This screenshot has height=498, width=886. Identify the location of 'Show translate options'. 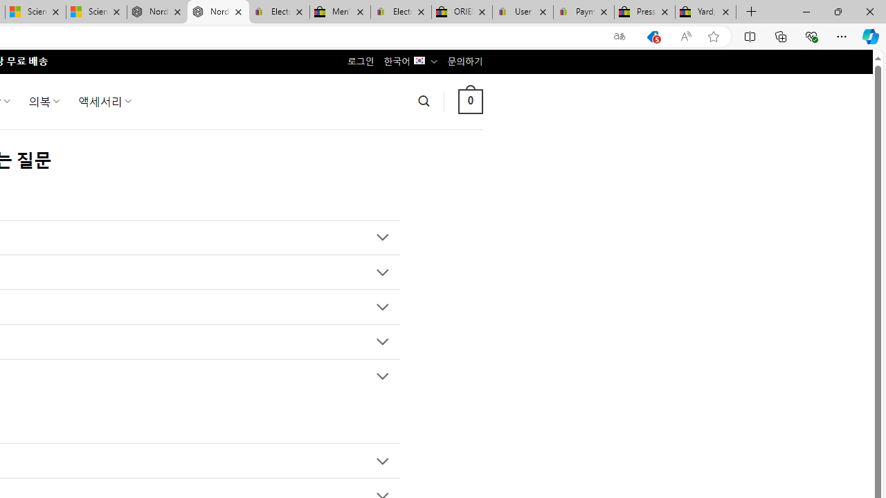
(619, 36).